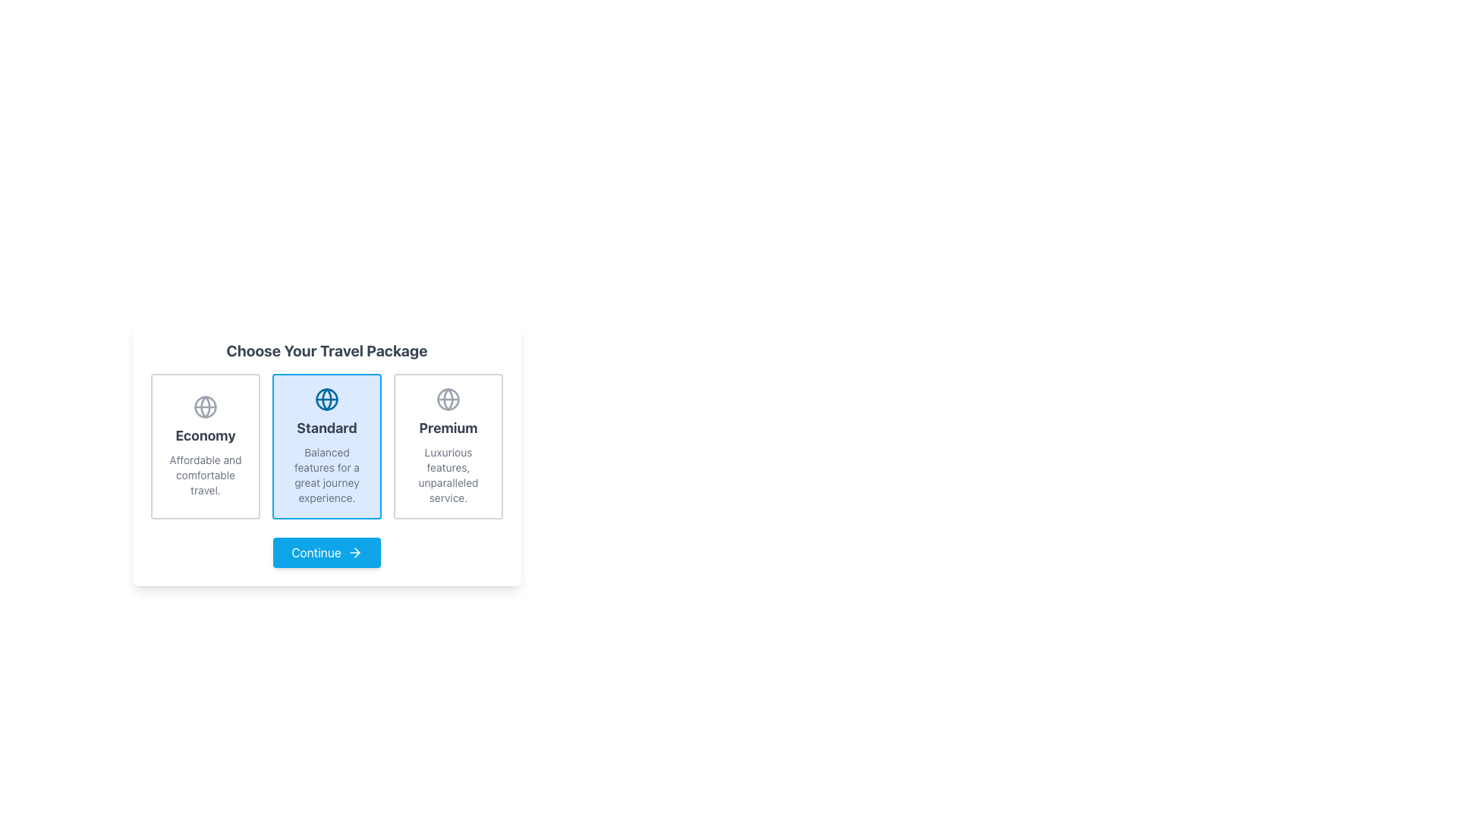 This screenshot has width=1457, height=819. I want to click on the 'Economy' selectable option card, which is the first in a row of three travel package options, so click(204, 446).